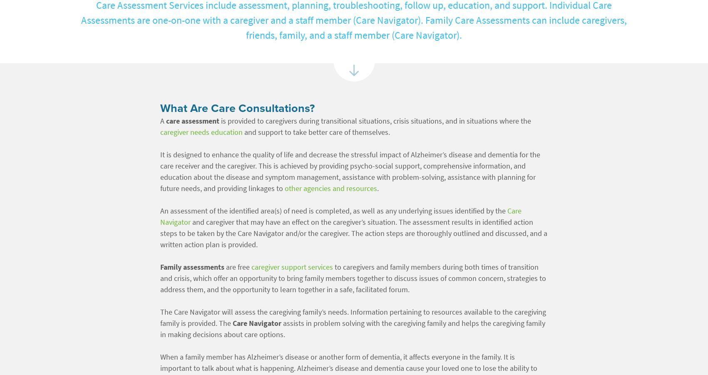  Describe the element at coordinates (191, 267) in the screenshot. I see `'Family assessments'` at that location.